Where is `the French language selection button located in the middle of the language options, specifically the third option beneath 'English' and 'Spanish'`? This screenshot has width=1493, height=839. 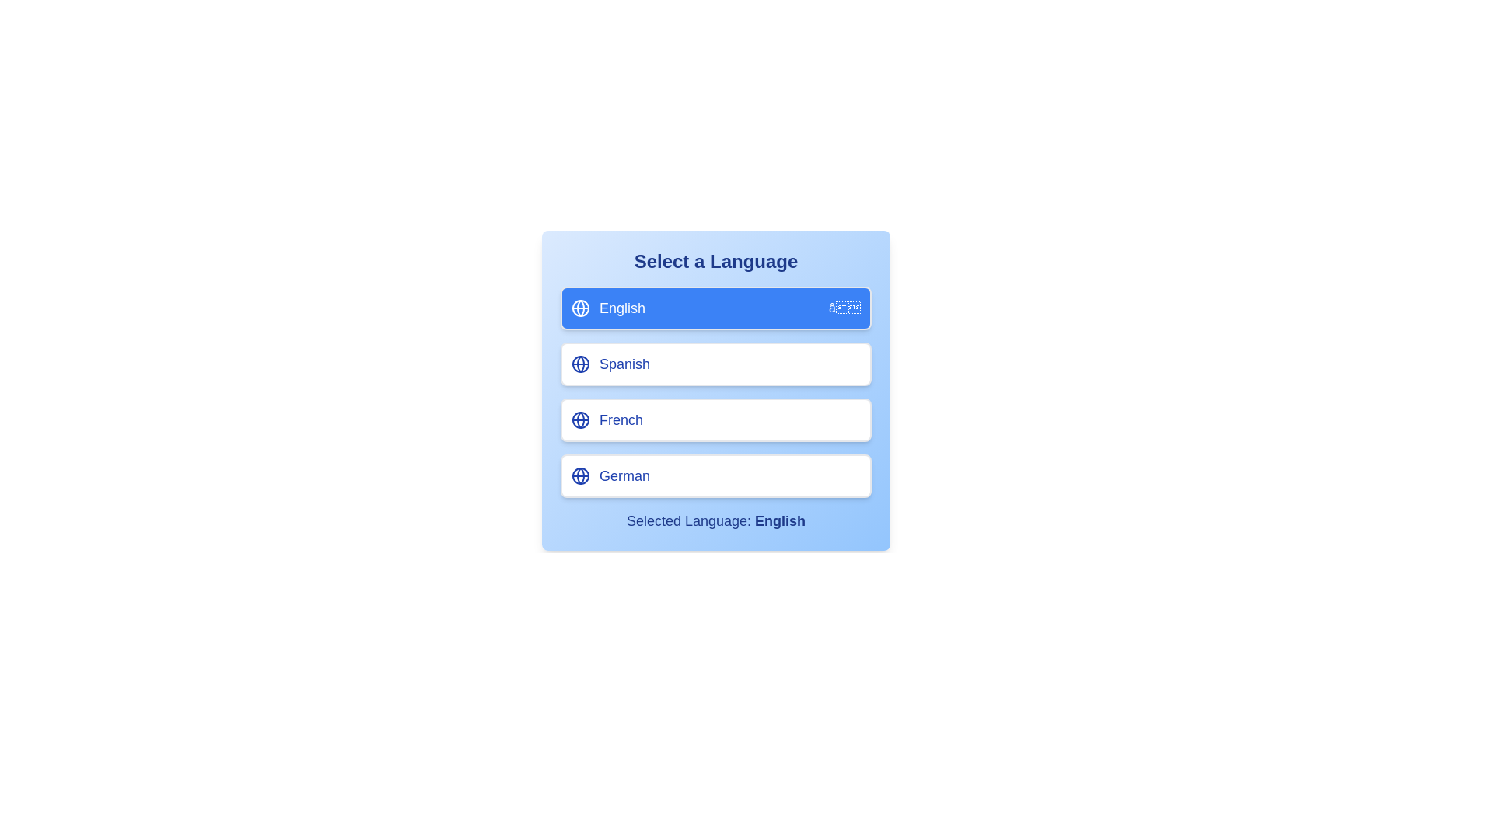
the French language selection button located in the middle of the language options, specifically the third option beneath 'English' and 'Spanish' is located at coordinates (715, 419).